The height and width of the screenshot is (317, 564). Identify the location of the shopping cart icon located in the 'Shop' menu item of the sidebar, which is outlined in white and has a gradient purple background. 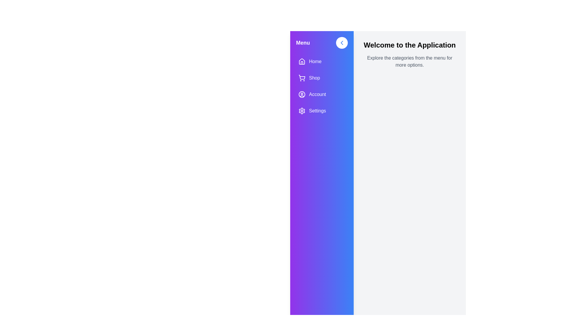
(302, 78).